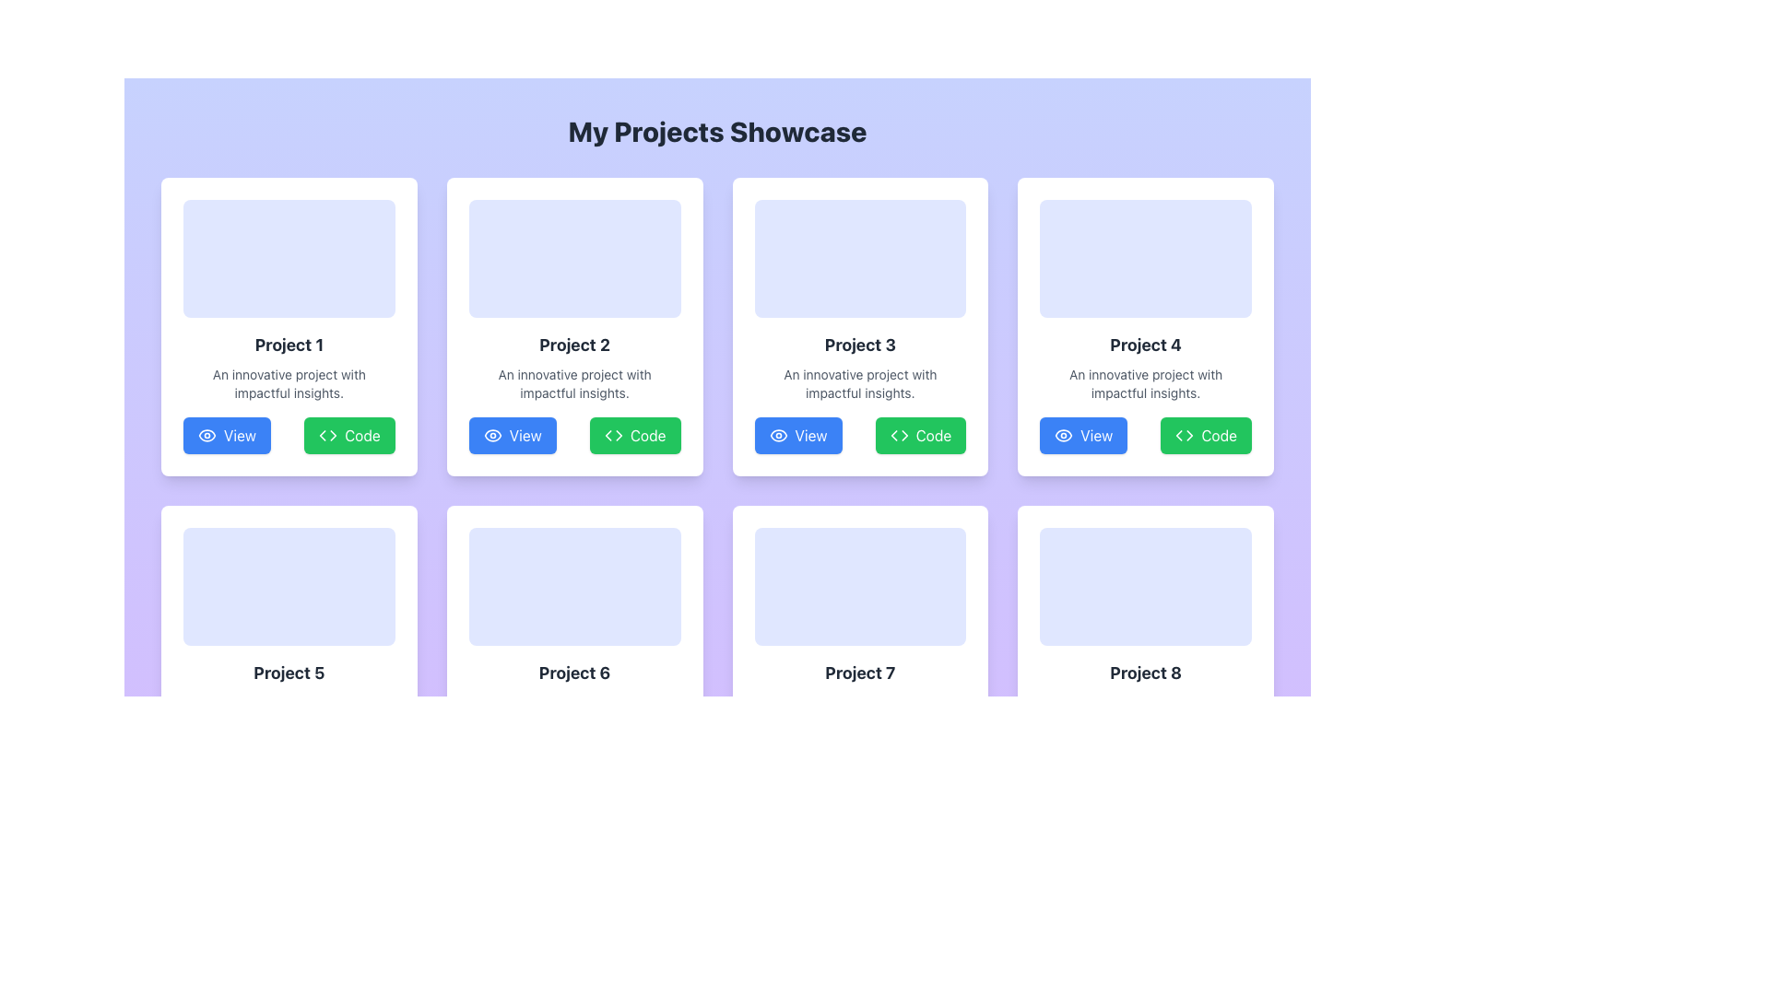 The image size is (1770, 995). I want to click on text block containing 'An innovative project with impactful insights.' located beneath the title 'Project 4' in the white card, so click(1145, 382).